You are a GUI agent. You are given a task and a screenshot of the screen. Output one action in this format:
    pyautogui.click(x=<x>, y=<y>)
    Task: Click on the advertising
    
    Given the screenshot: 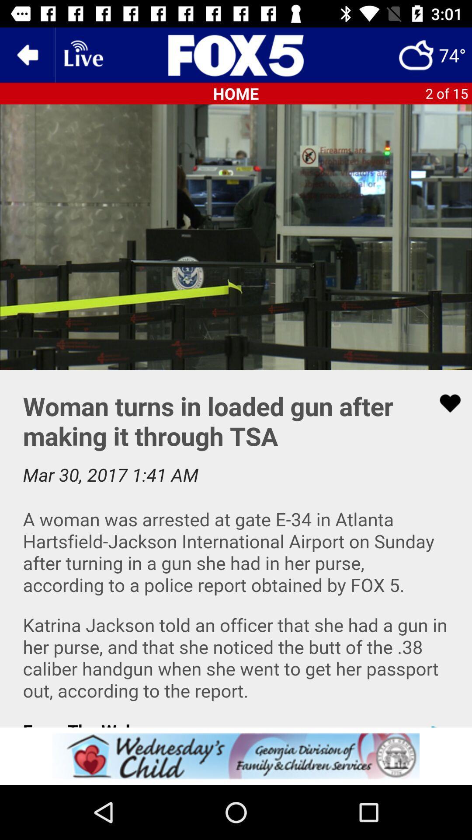 What is the action you would take?
    pyautogui.click(x=236, y=756)
    